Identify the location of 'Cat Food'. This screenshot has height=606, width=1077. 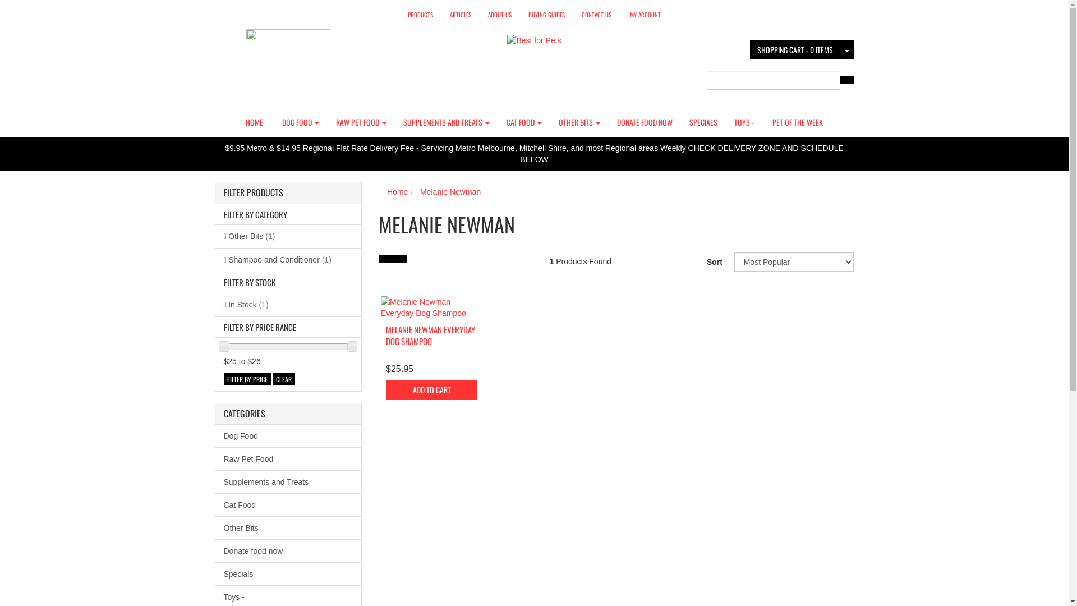
(288, 504).